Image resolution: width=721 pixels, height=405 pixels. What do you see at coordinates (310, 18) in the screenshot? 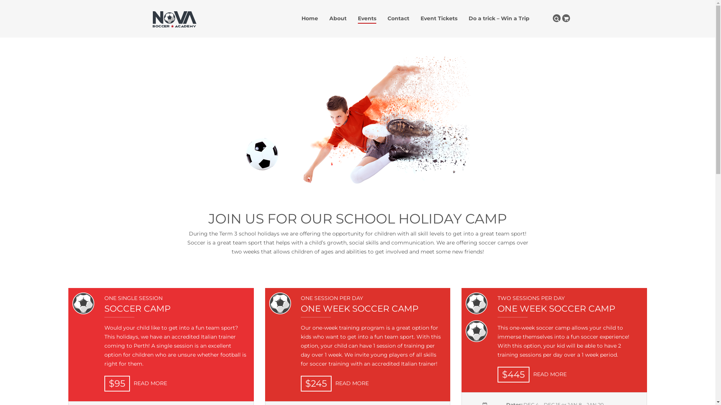
I see `'Home'` at bounding box center [310, 18].